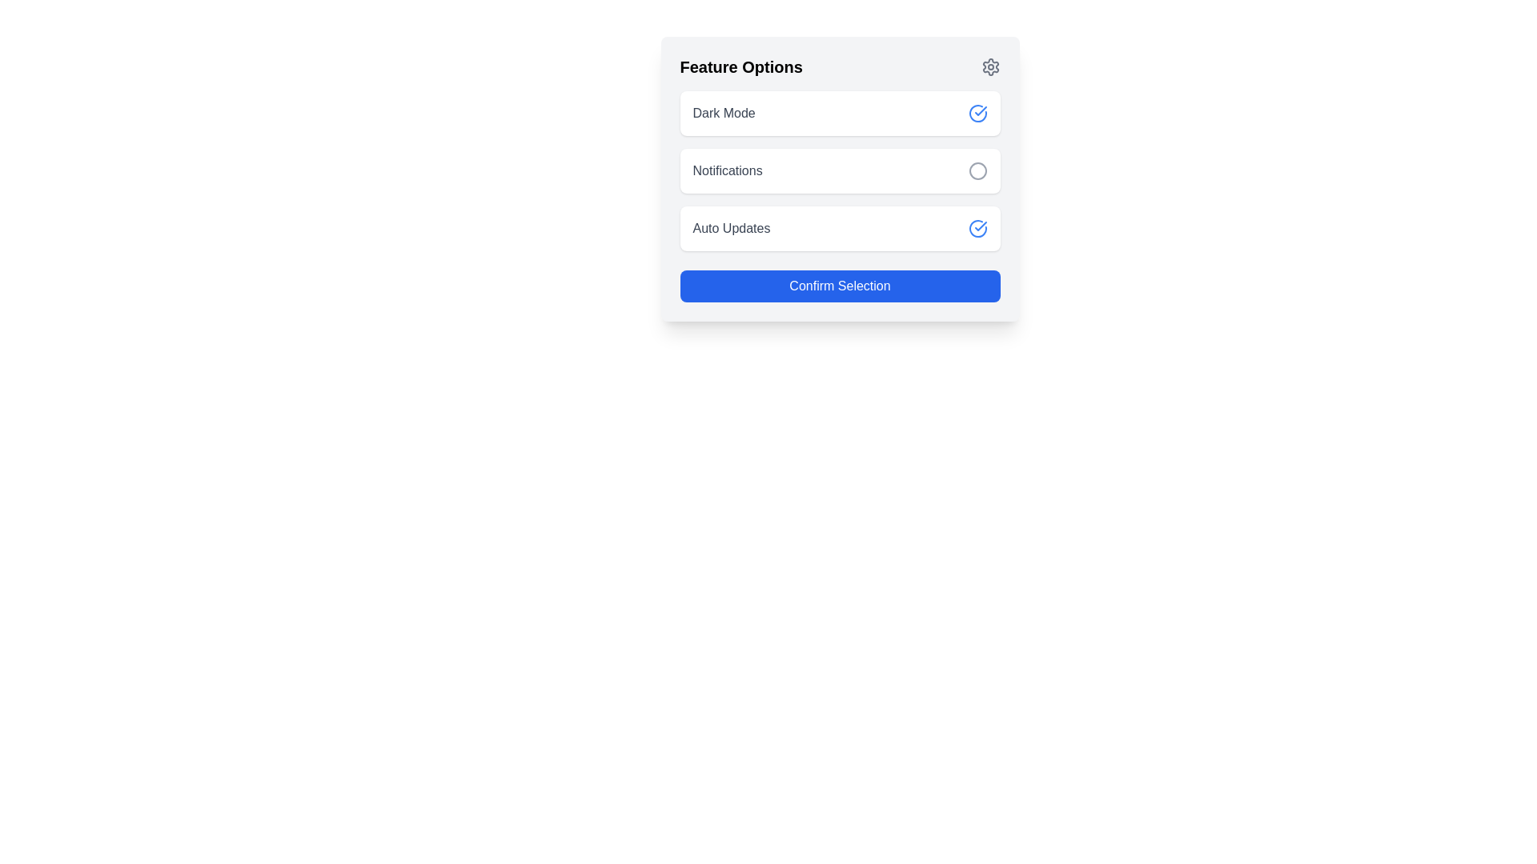 The image size is (1537, 864). What do you see at coordinates (839, 170) in the screenshot?
I see `the 'Notifications' option box in the configuration menu` at bounding box center [839, 170].